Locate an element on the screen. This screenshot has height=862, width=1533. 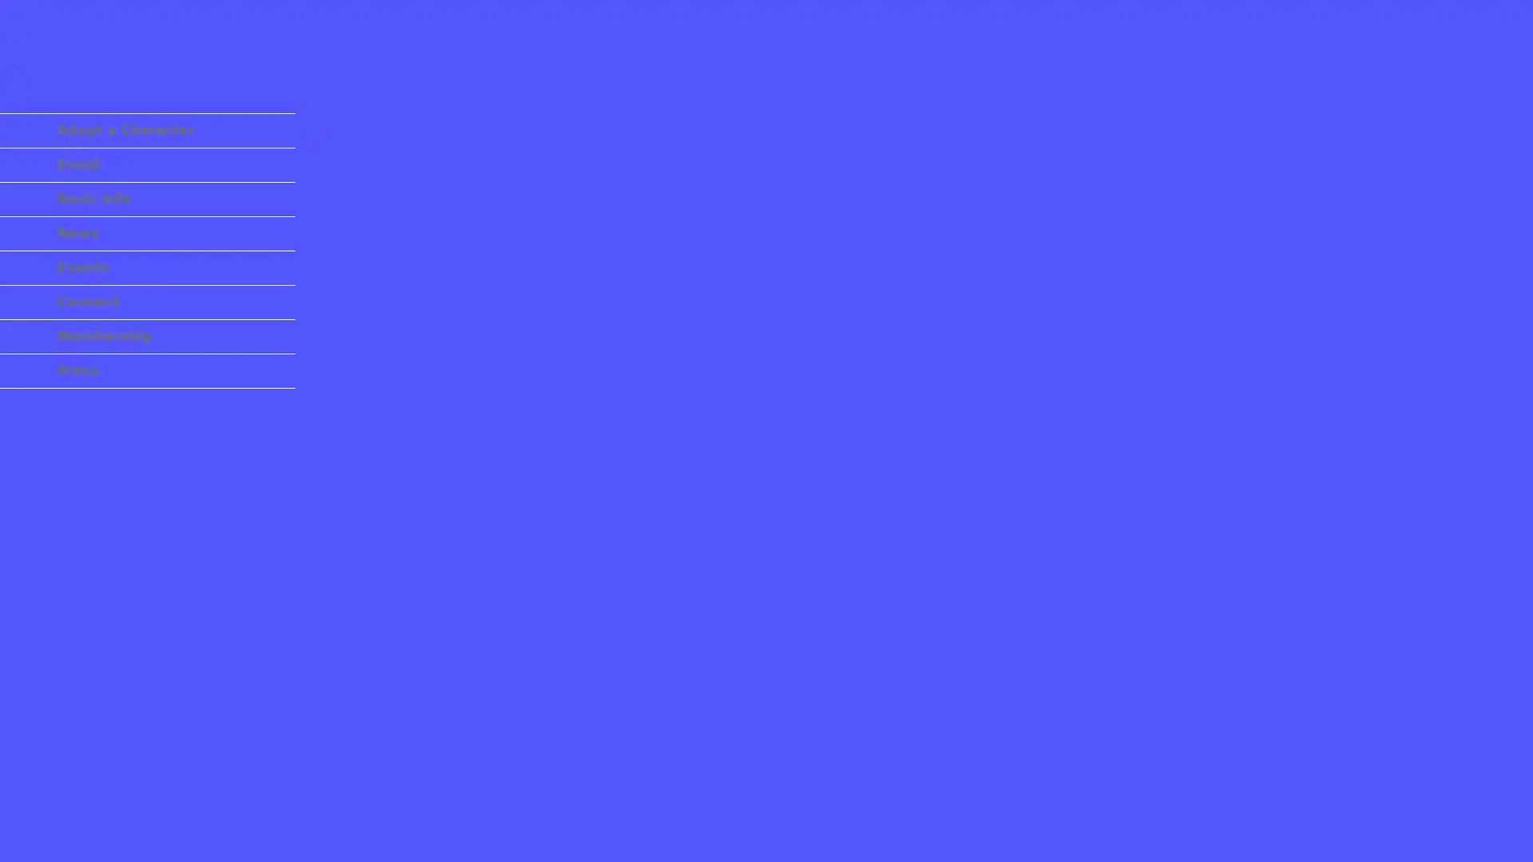
U+03A6 is located at coordinates (725, 180).